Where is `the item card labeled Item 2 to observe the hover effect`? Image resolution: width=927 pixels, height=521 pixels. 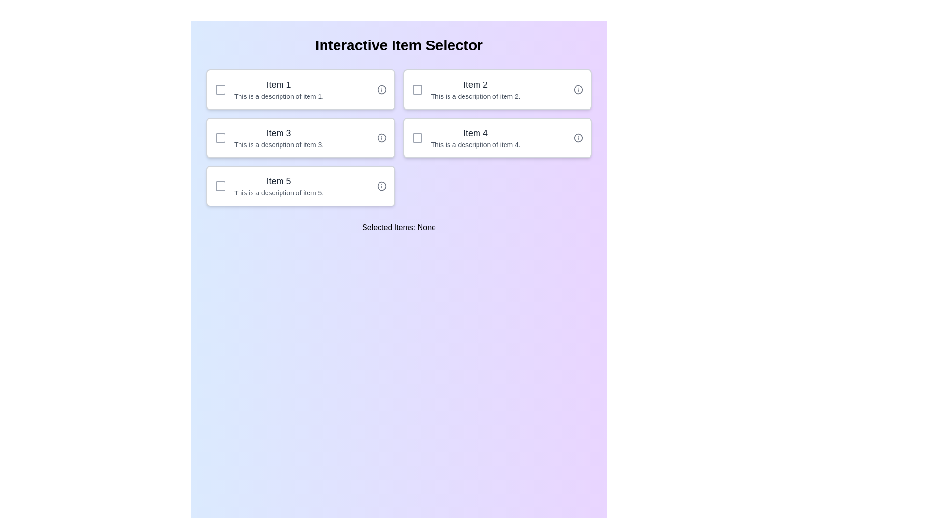
the item card labeled Item 2 to observe the hover effect is located at coordinates (497, 89).